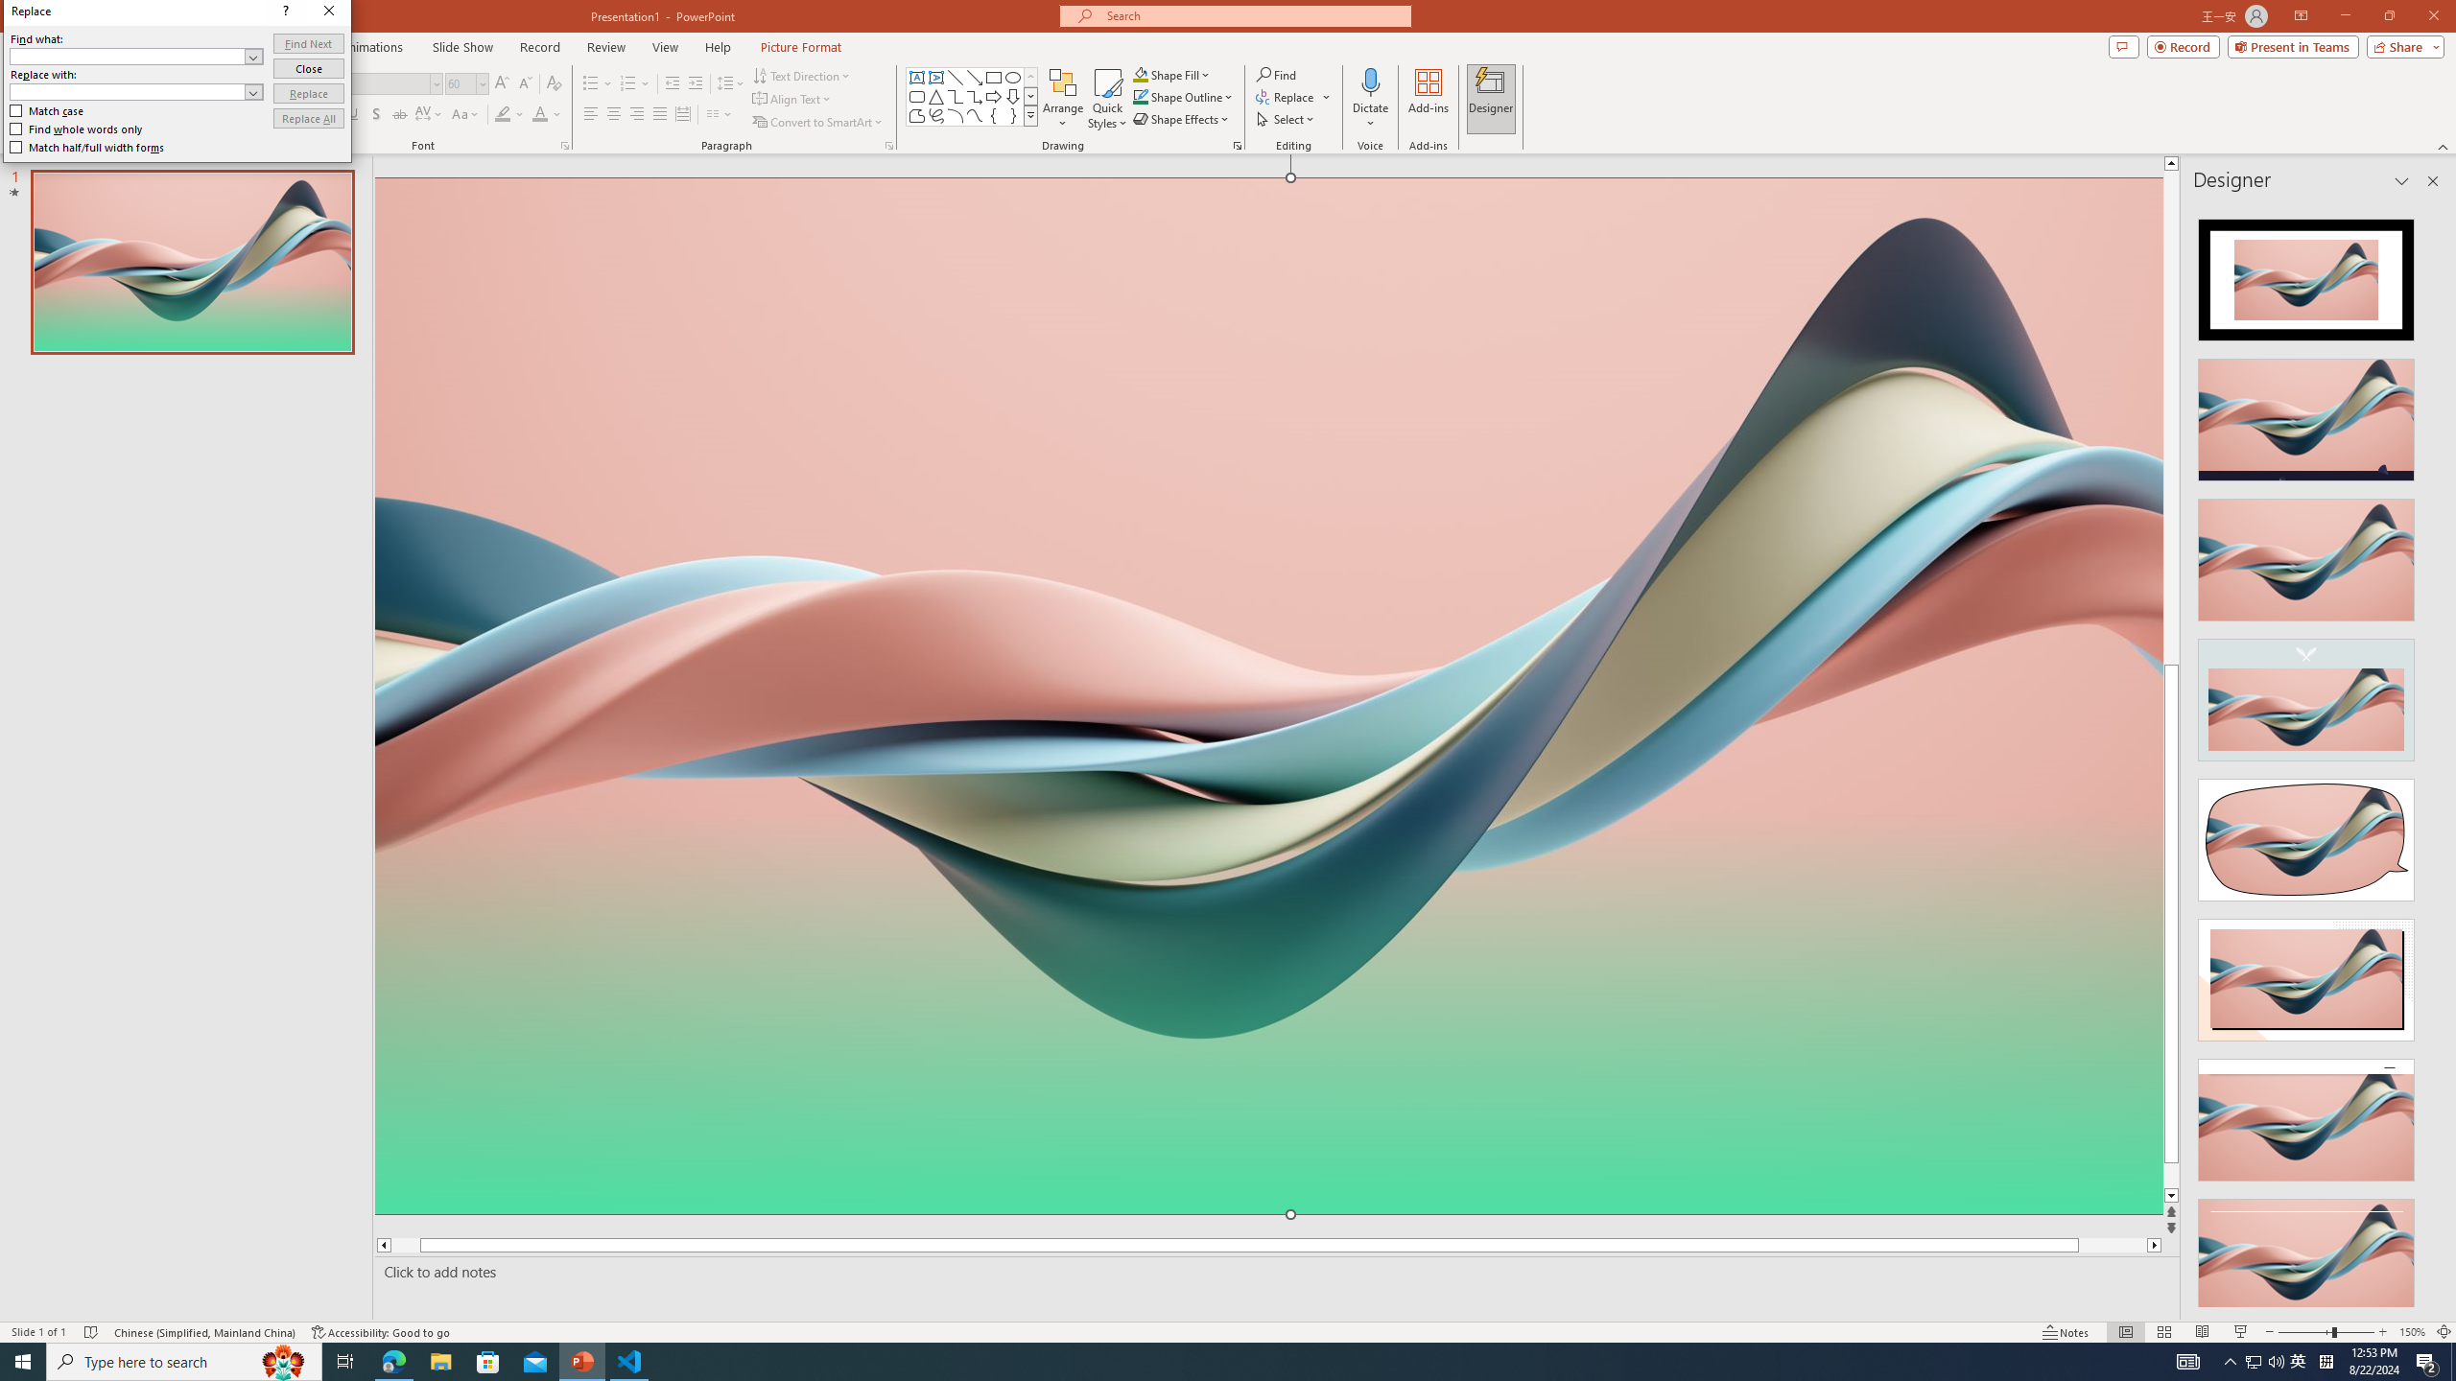 The image size is (2456, 1381). What do you see at coordinates (2304, 272) in the screenshot?
I see `'Recommended Design: Design Idea'` at bounding box center [2304, 272].